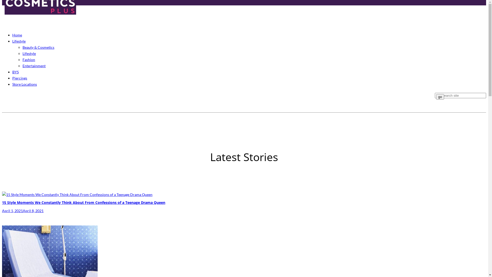  I want to click on 'Entertainment', so click(34, 65).